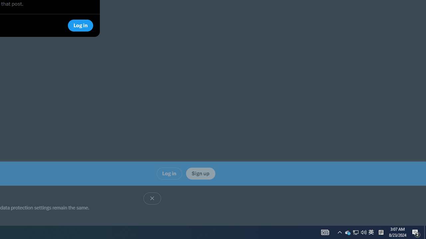 The width and height of the screenshot is (426, 239). Describe the element at coordinates (169, 173) in the screenshot. I see `'Log in'` at that location.